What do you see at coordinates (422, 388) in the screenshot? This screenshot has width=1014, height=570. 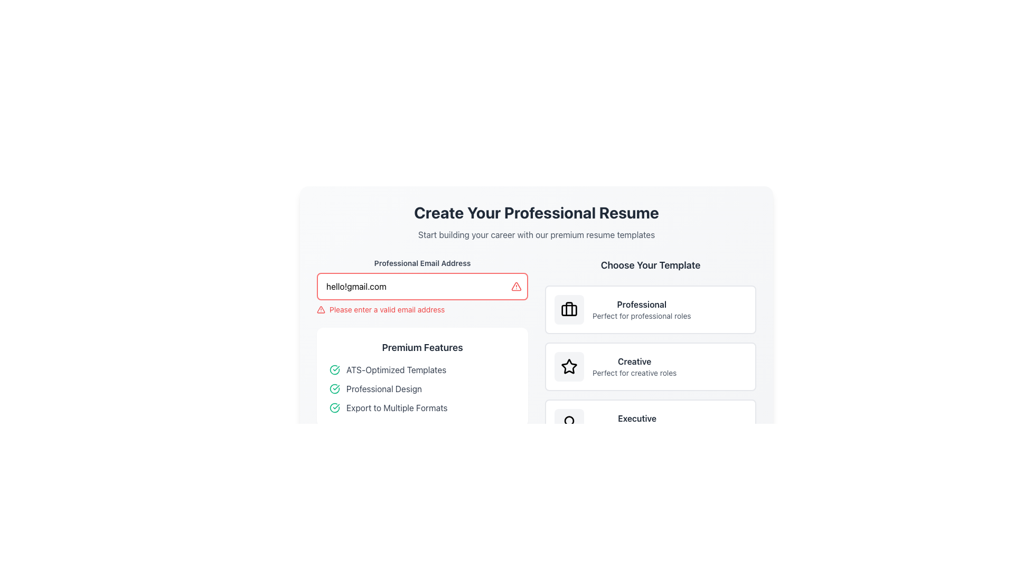 I see `the second item in the list of premium features, 'Professional Design', which is centrally aligned within its containing section` at bounding box center [422, 388].